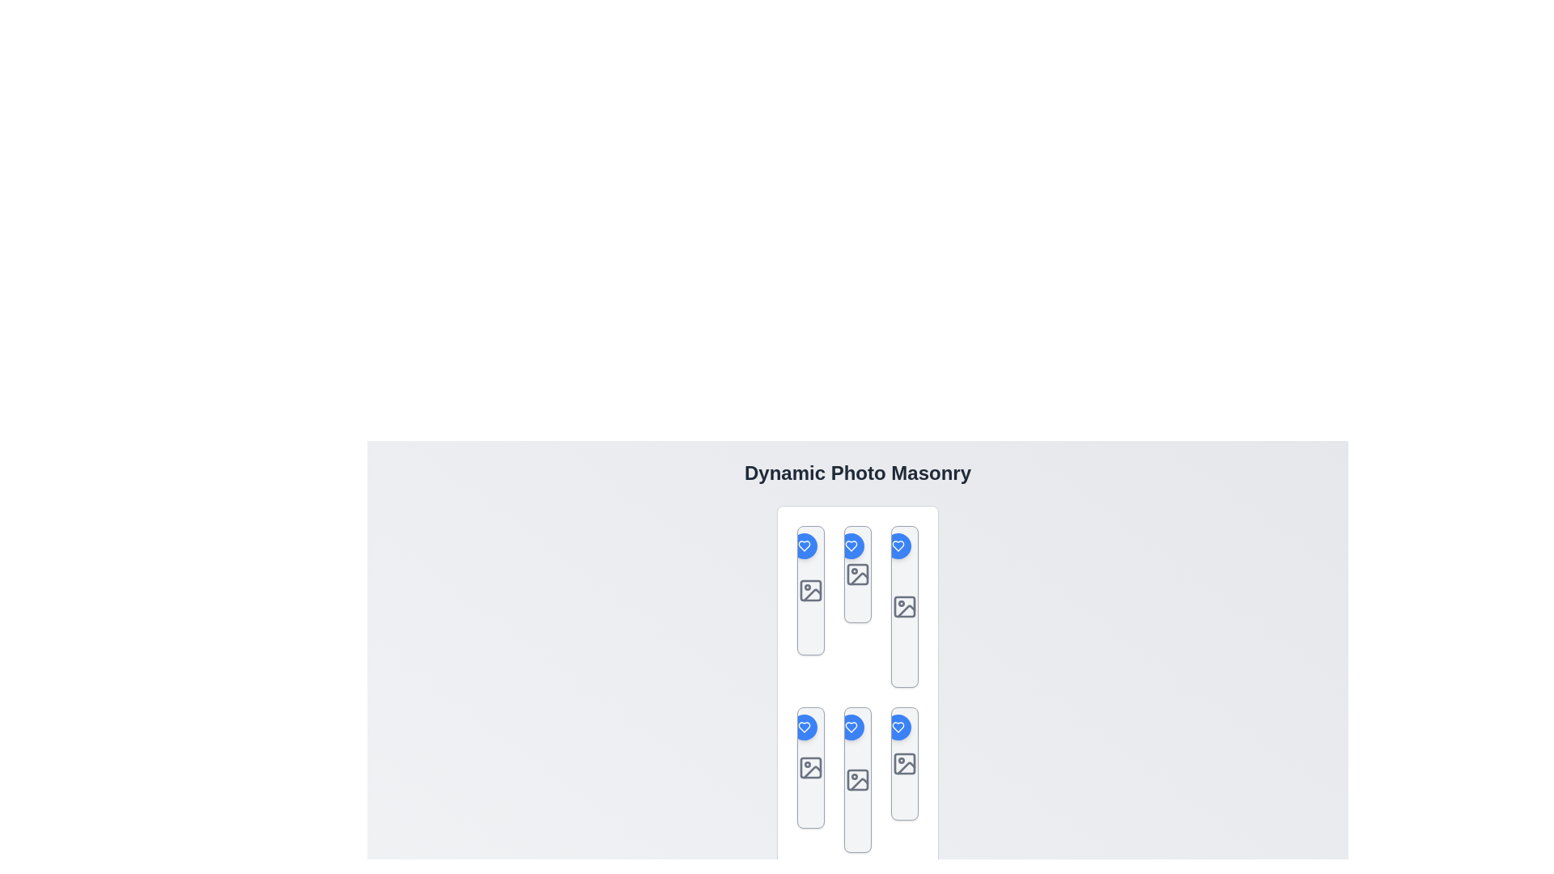 This screenshot has width=1554, height=874. Describe the element at coordinates (804, 726) in the screenshot. I see `the favorite button located in the top-right corner of the gray card in the second column of the bottom row for extended interaction options` at that location.